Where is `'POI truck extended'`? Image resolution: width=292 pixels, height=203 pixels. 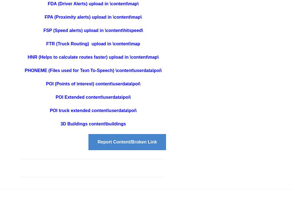 'POI truck extended' is located at coordinates (70, 110).